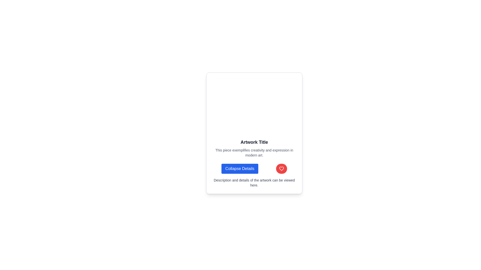 This screenshot has width=481, height=270. I want to click on the heart-shaped button, so click(282, 169).